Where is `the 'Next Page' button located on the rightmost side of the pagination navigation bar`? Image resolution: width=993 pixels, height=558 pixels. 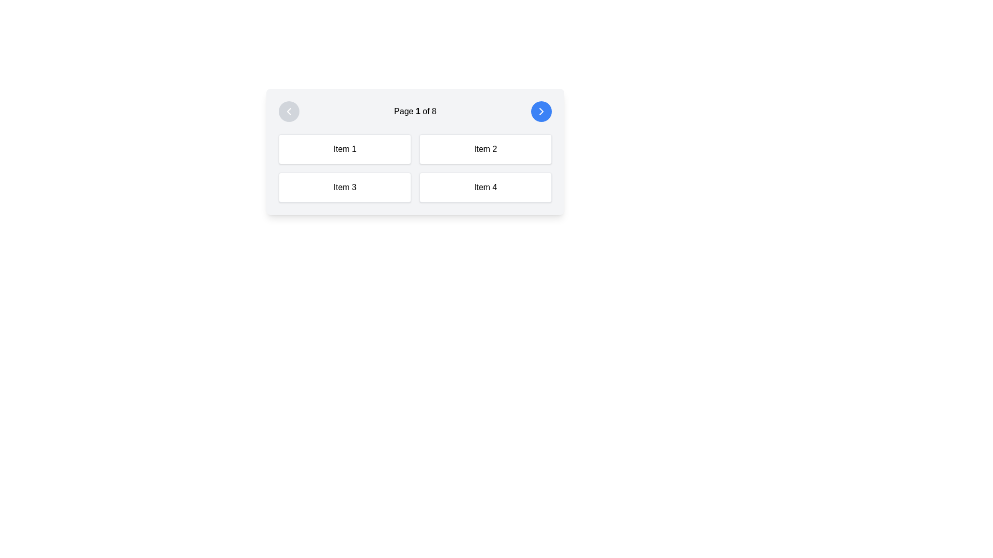
the 'Next Page' button located on the rightmost side of the pagination navigation bar is located at coordinates (540, 112).